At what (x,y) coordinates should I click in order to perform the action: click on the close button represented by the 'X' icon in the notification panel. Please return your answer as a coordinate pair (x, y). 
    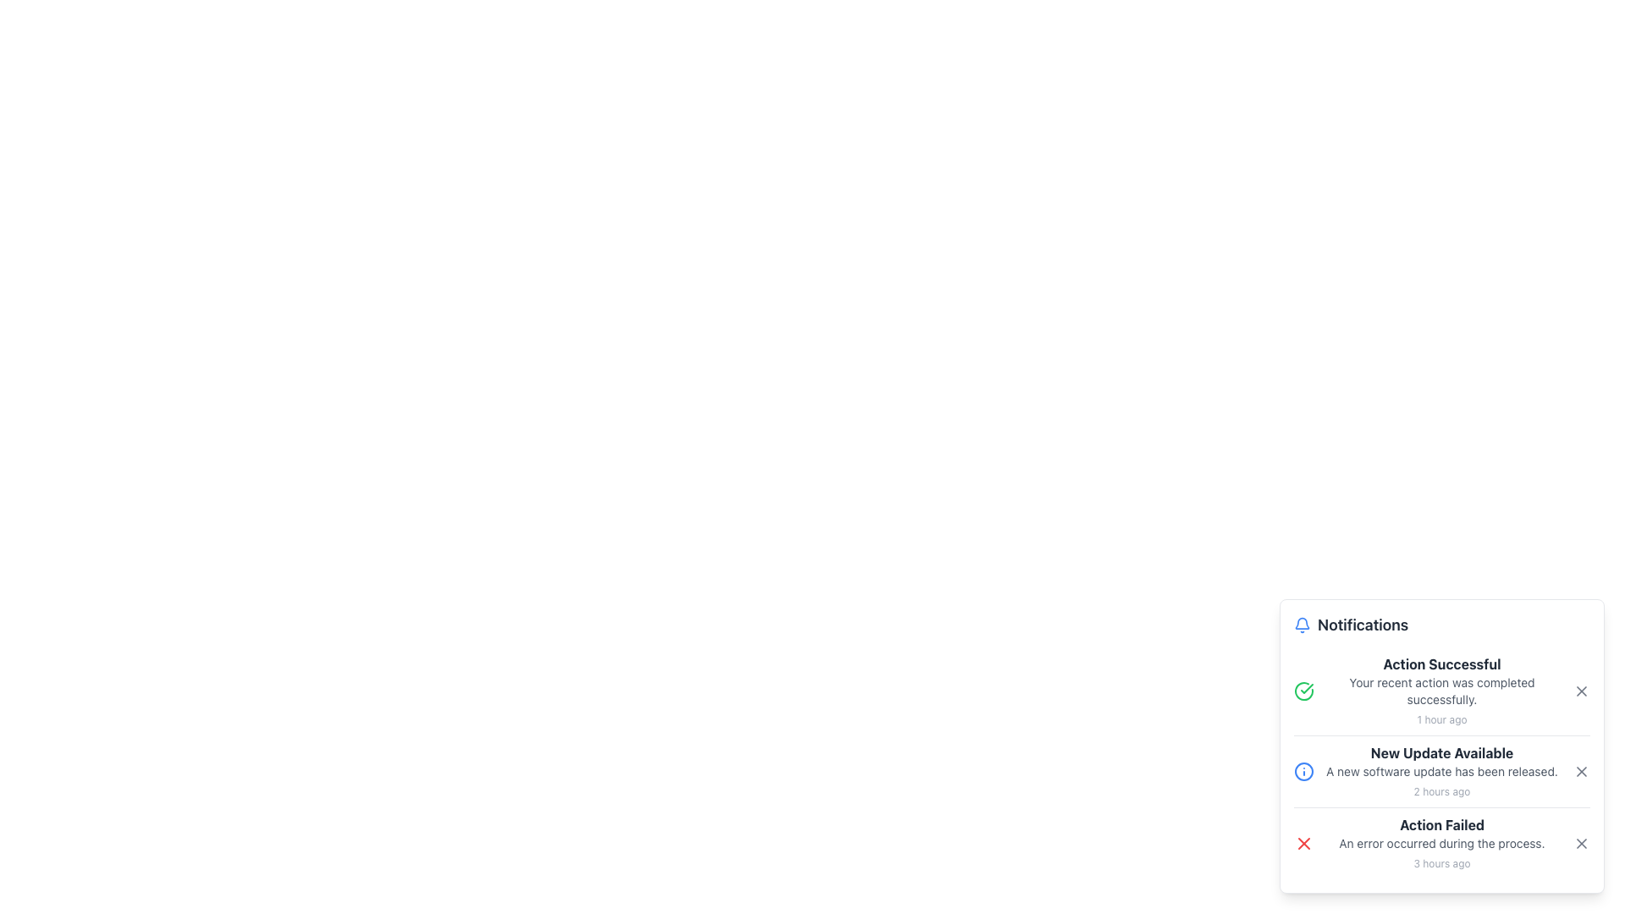
    Looking at the image, I should click on (1580, 771).